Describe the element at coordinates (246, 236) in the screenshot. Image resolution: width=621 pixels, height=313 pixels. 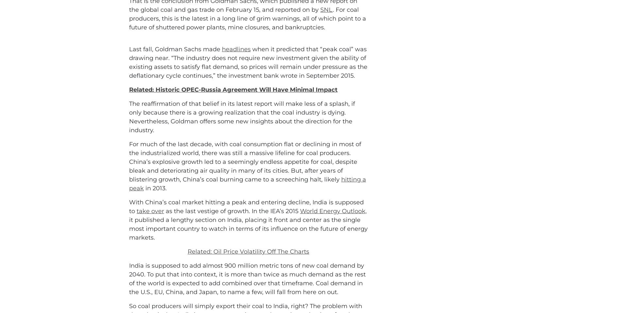
I see `'With China’s coal market hitting a peak and entering decline, India is supposed to'` at that location.